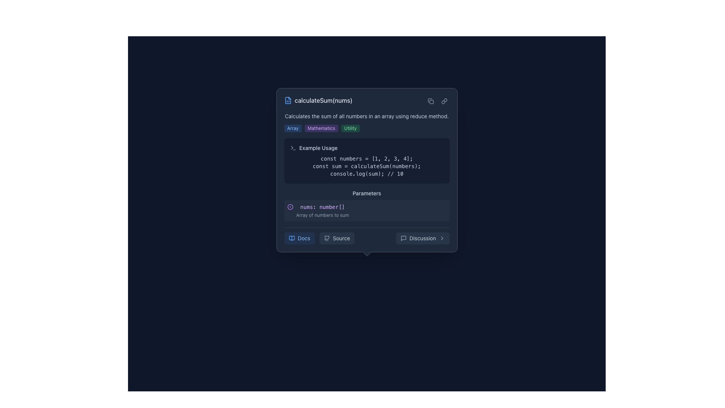 This screenshot has height=408, width=725. I want to click on the navigation icon located at the far right side of the 'Discussion' button, so click(442, 238).